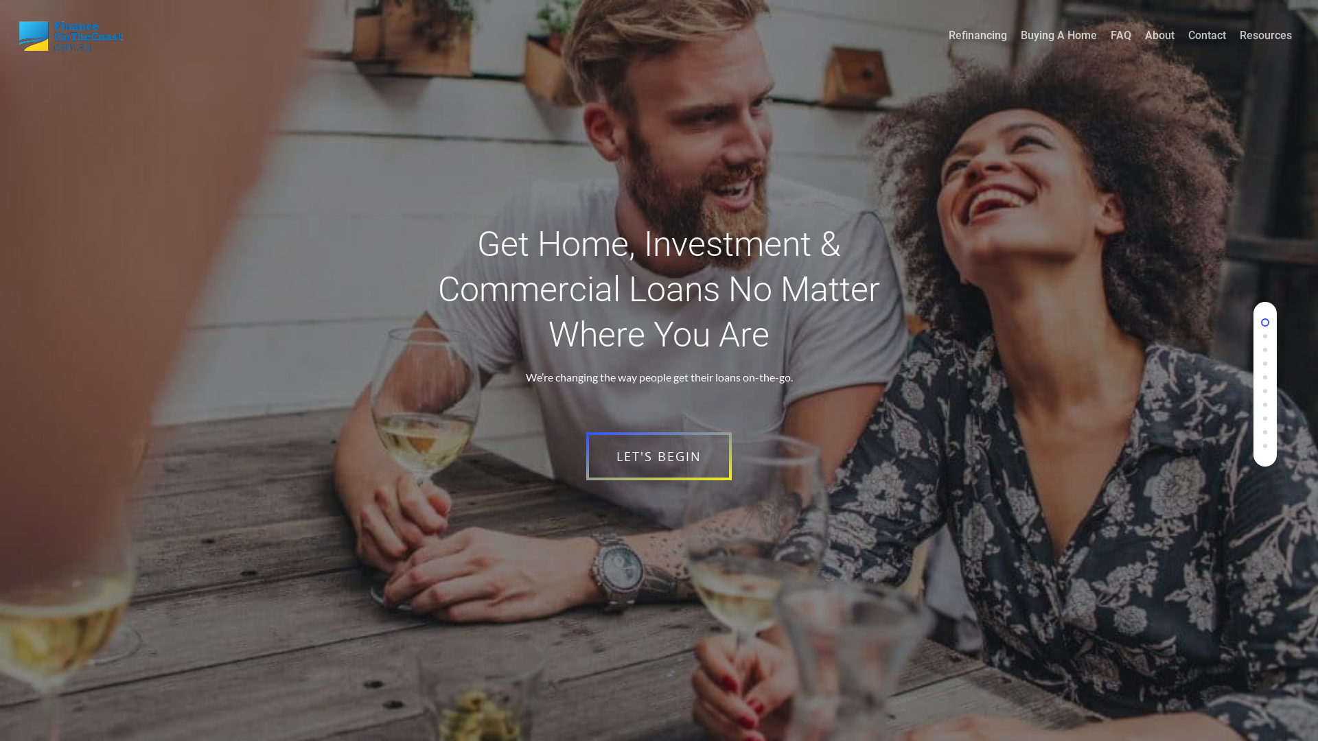 This screenshot has height=741, width=1318. What do you see at coordinates (1058, 44) in the screenshot?
I see `'Buying A Home'` at bounding box center [1058, 44].